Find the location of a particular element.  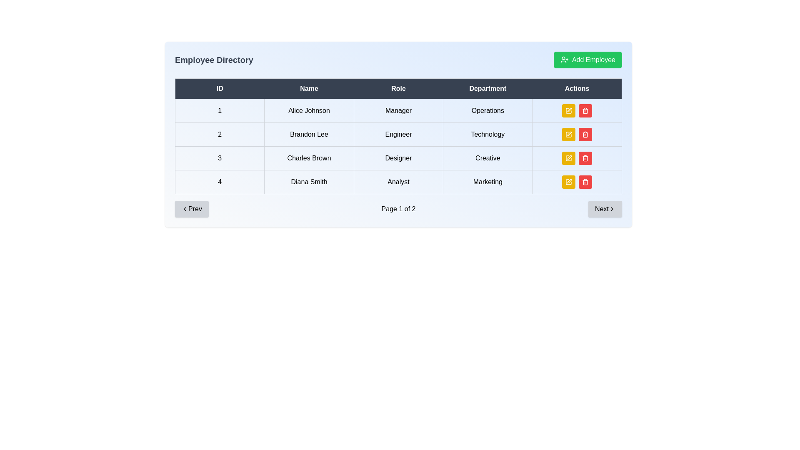

page number information from the Pagination bar located at the bottom right corner of the employee list table, which displays 'Page 1 of 2' is located at coordinates (398, 208).